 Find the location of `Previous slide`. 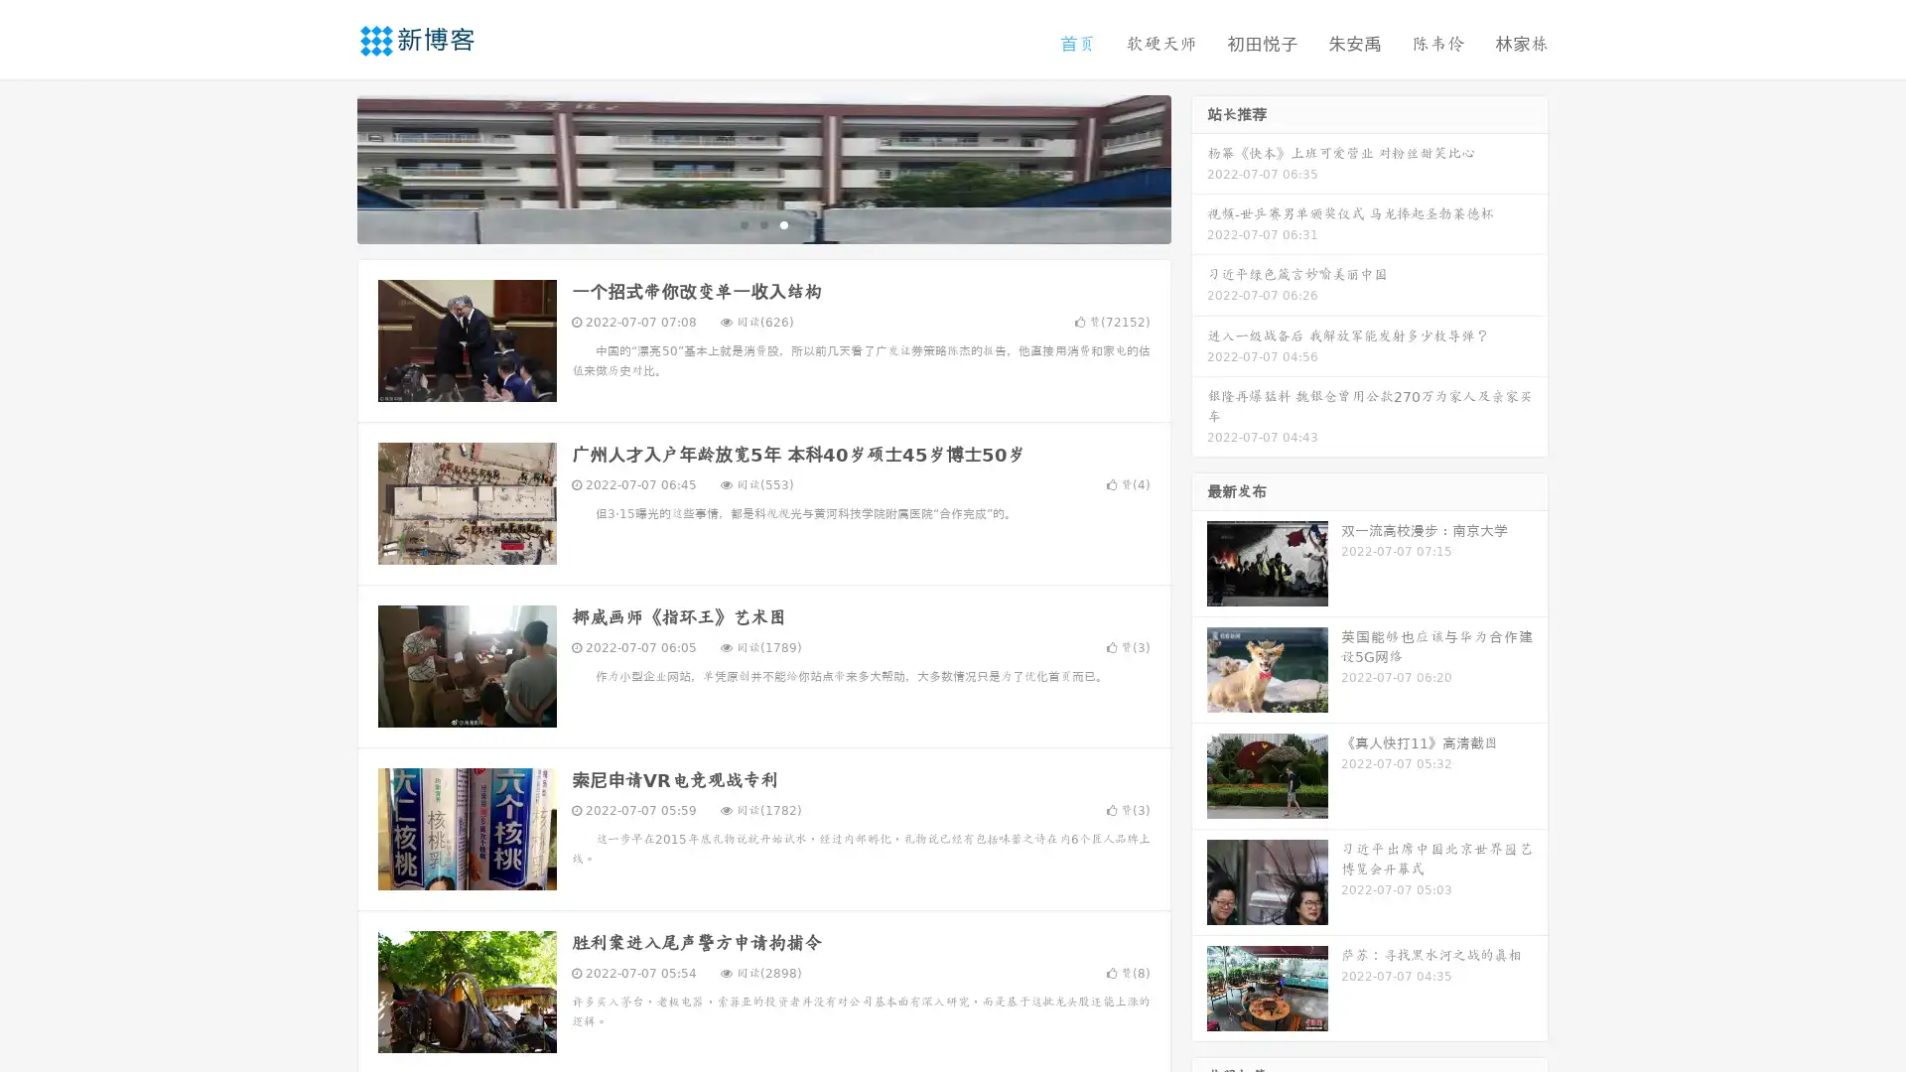

Previous slide is located at coordinates (328, 167).